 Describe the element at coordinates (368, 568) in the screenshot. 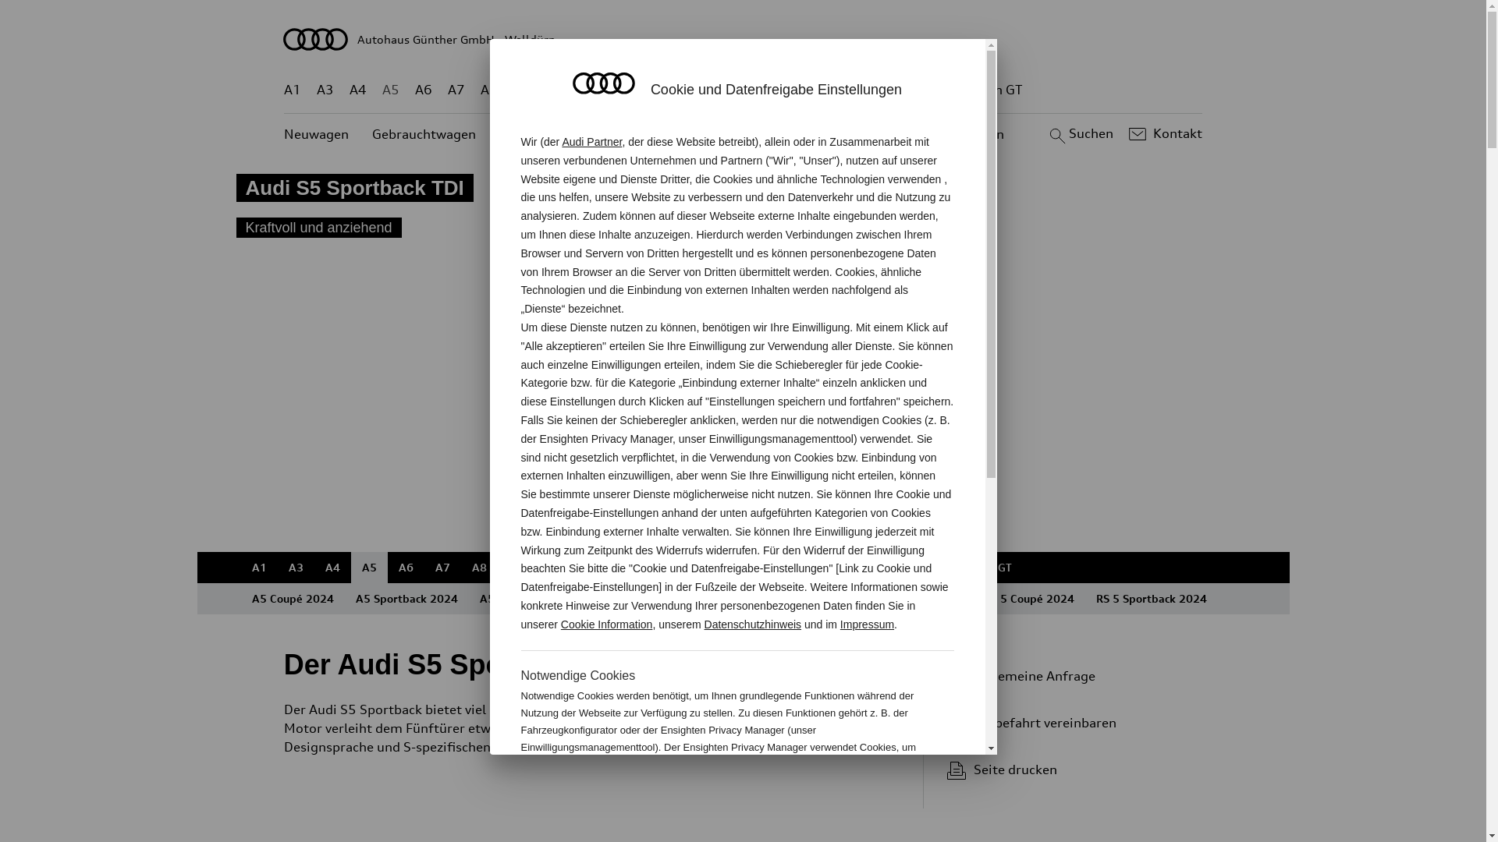

I see `'A5'` at that location.